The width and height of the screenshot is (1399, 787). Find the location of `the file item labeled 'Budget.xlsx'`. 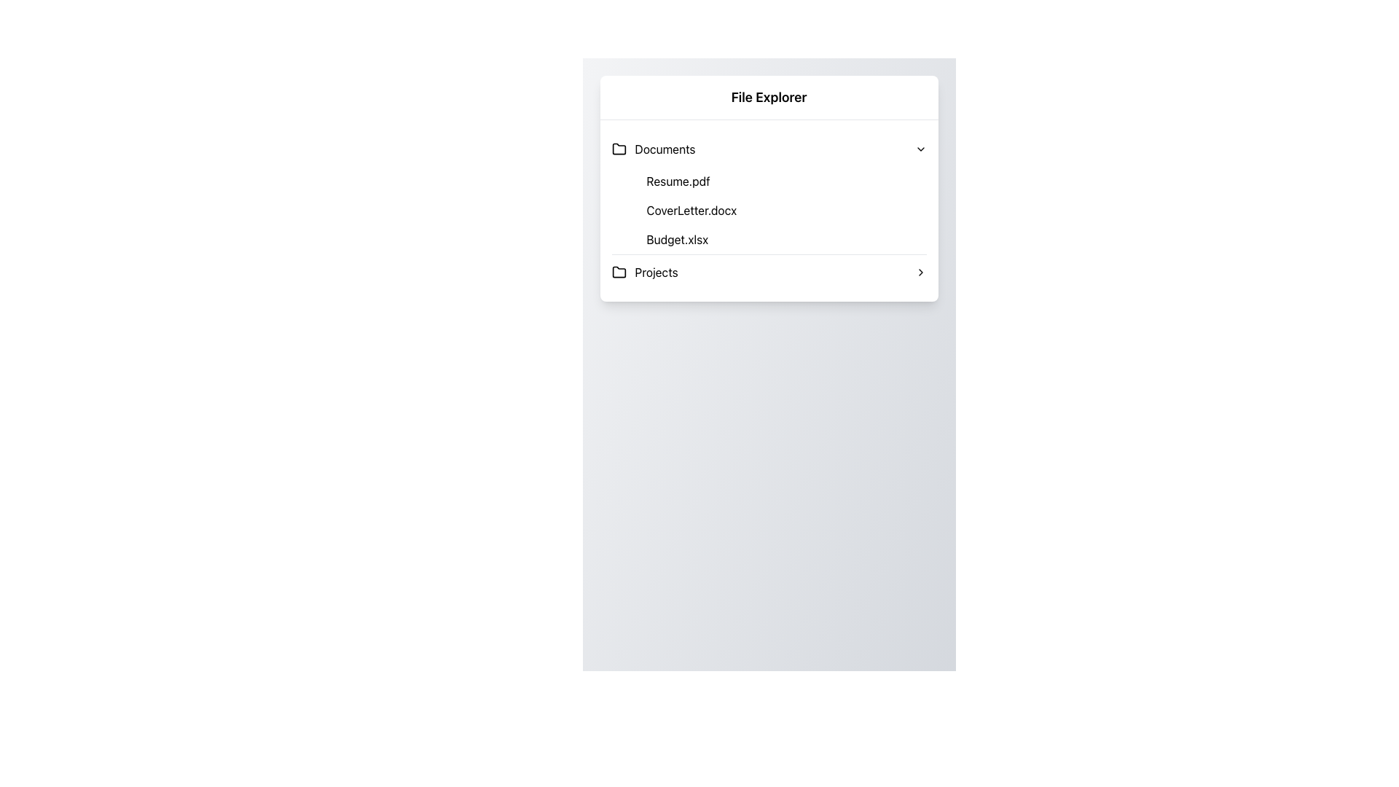

the file item labeled 'Budget.xlsx' is located at coordinates (780, 238).